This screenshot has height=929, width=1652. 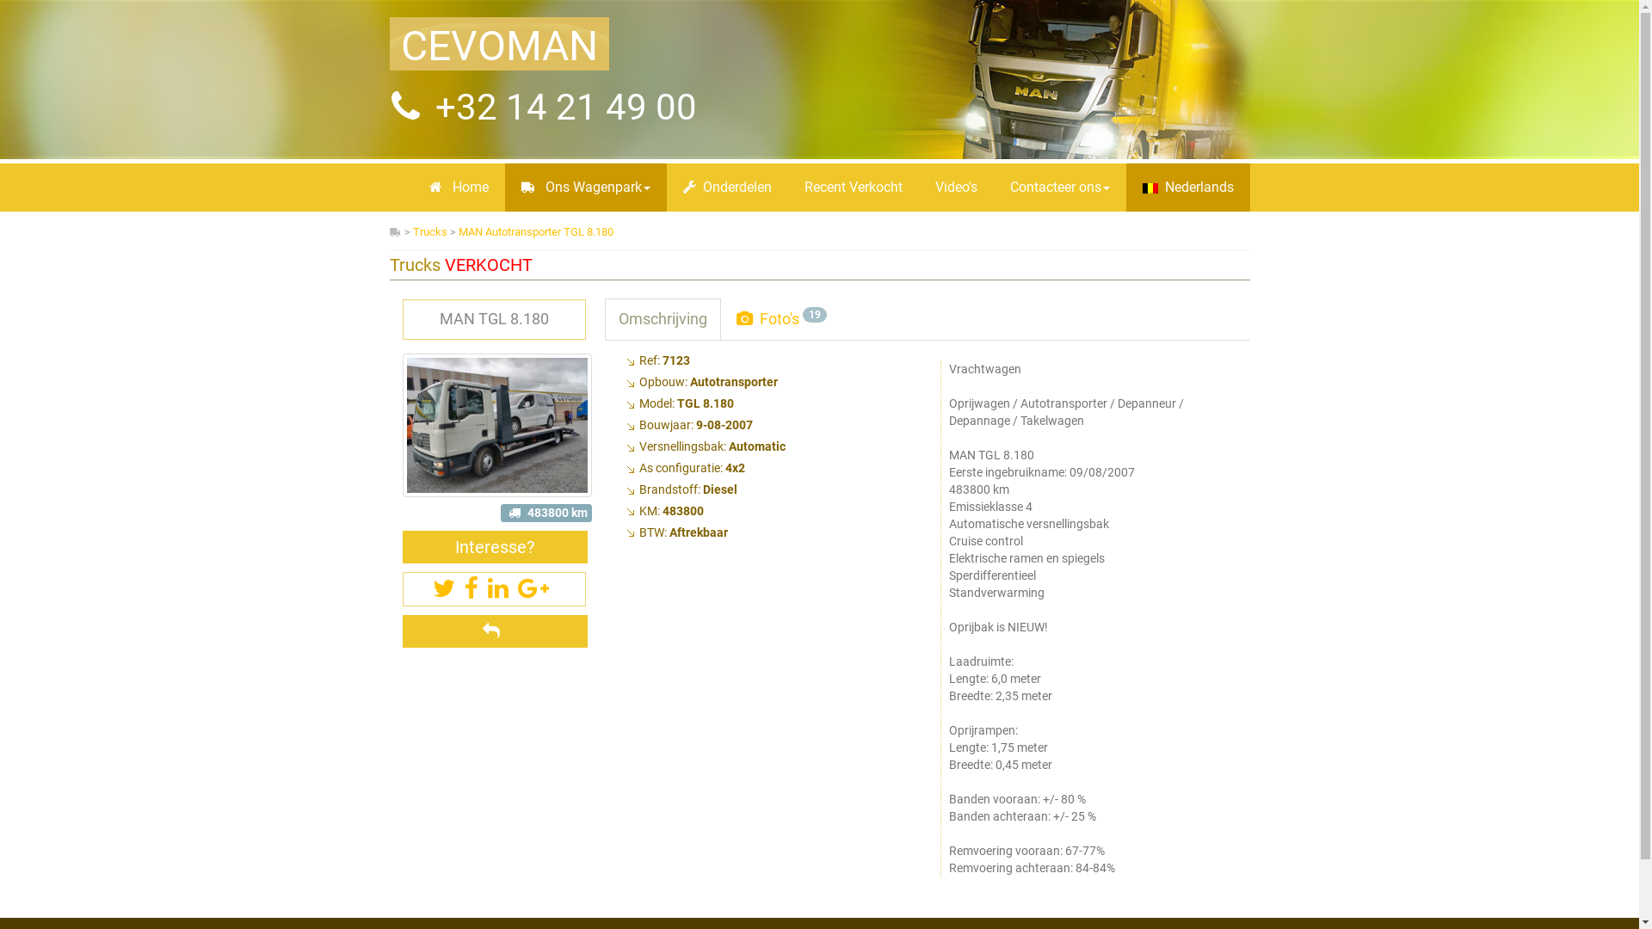 What do you see at coordinates (585, 188) in the screenshot?
I see `'Ons Wagenpark'` at bounding box center [585, 188].